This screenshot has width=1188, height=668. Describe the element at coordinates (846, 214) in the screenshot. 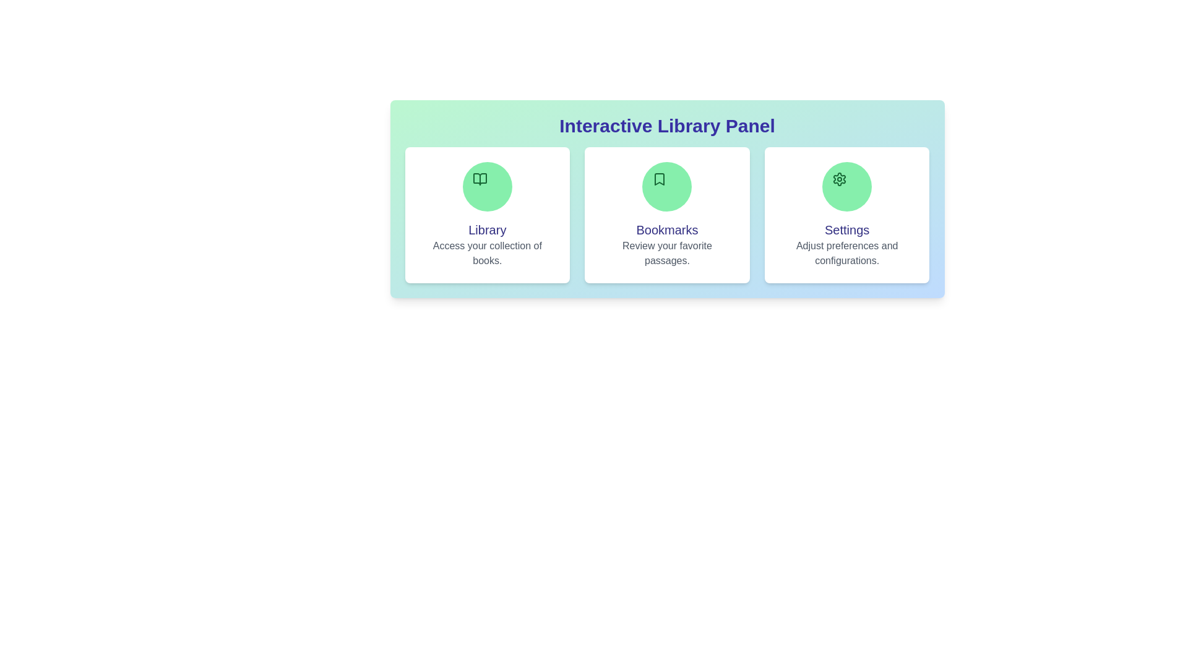

I see `the card representing the Settings section` at that location.